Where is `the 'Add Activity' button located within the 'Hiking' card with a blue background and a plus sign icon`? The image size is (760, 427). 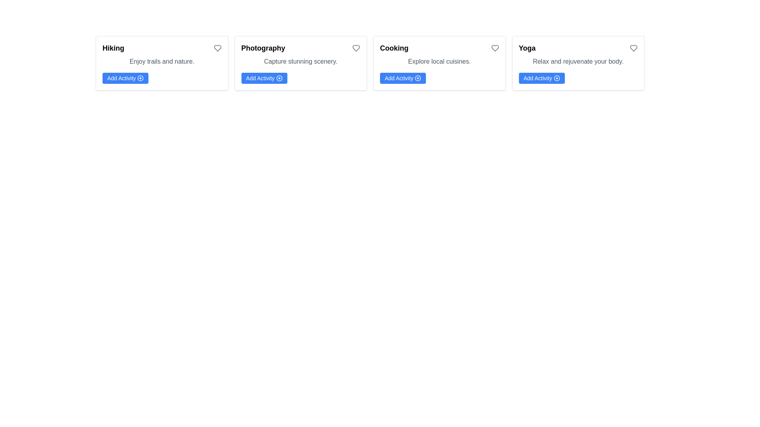 the 'Add Activity' button located within the 'Hiking' card with a blue background and a plus sign icon is located at coordinates (125, 78).